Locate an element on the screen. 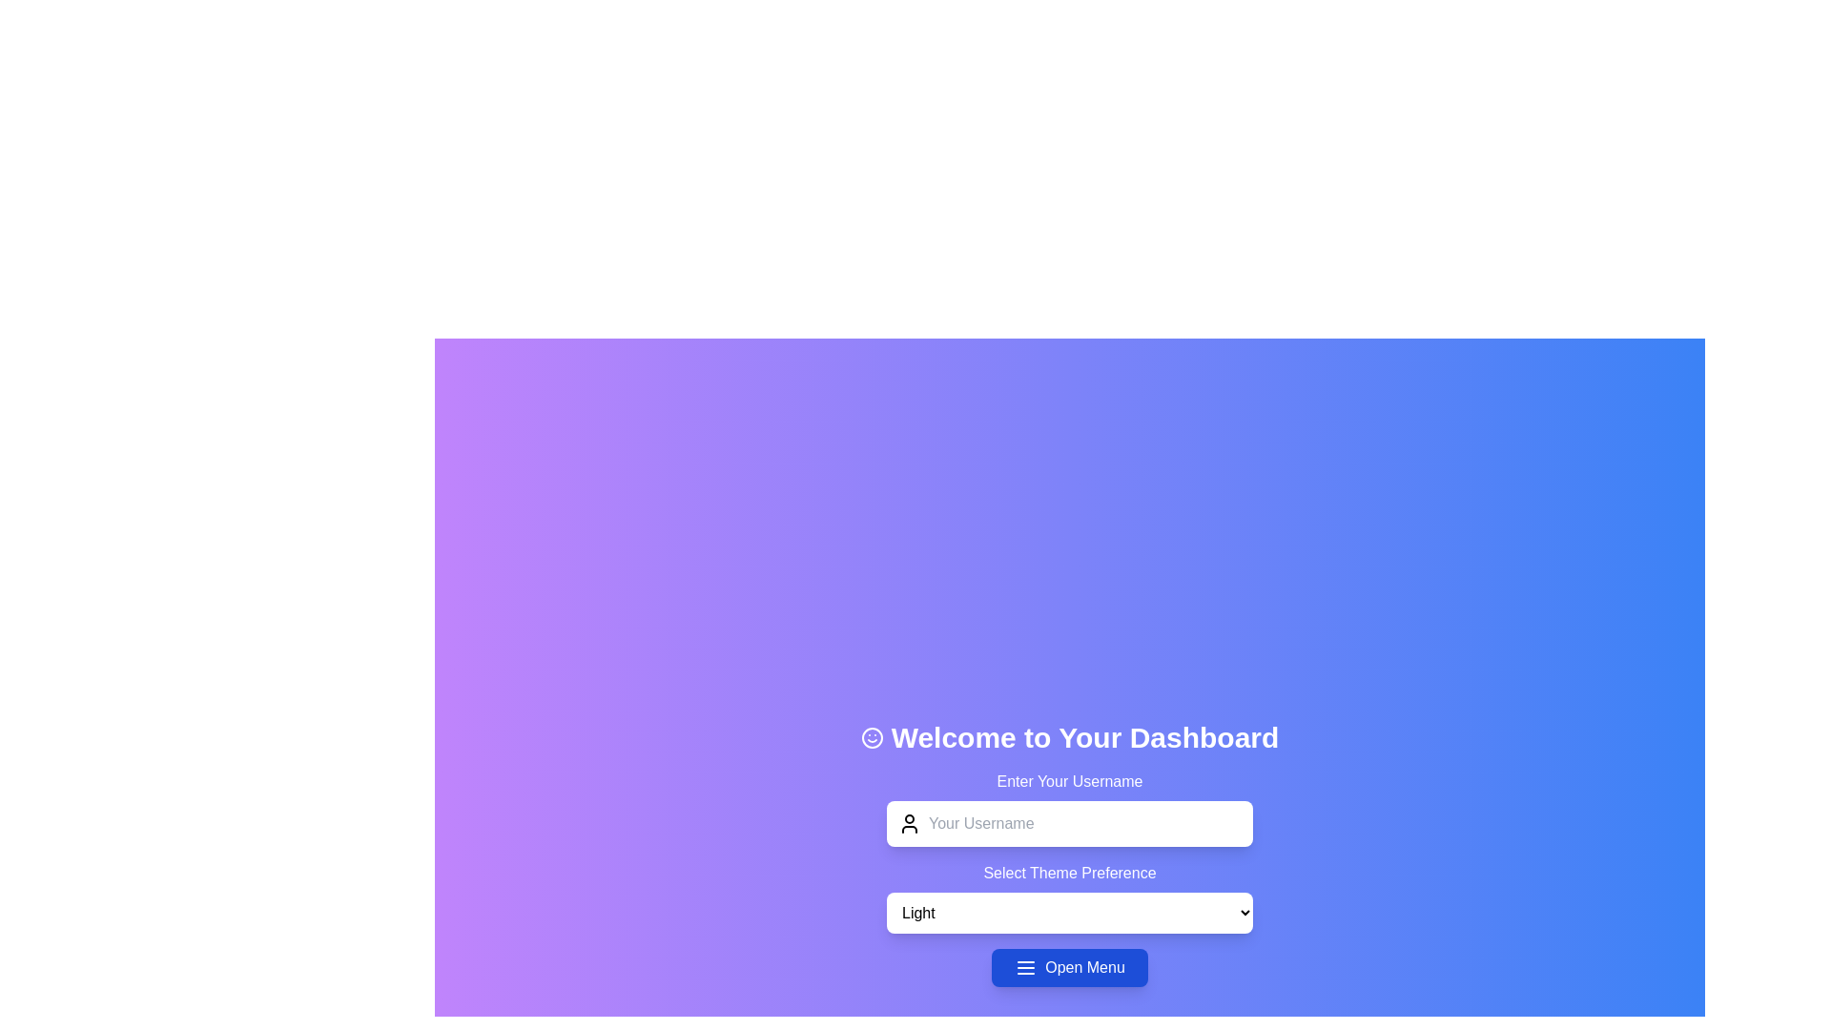 This screenshot has height=1030, width=1831. the dropdown menu for theme selection located centrally in the interface, below the username input field and above the 'Open Menu' button is located at coordinates (1070, 897).